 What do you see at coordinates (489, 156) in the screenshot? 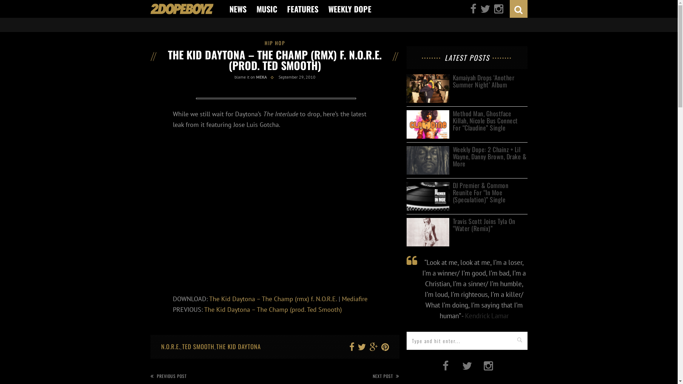
I see `'Weekly Dope: 2 Chainz + Lil Wayne, Danny Brown, Drake & More'` at bounding box center [489, 156].